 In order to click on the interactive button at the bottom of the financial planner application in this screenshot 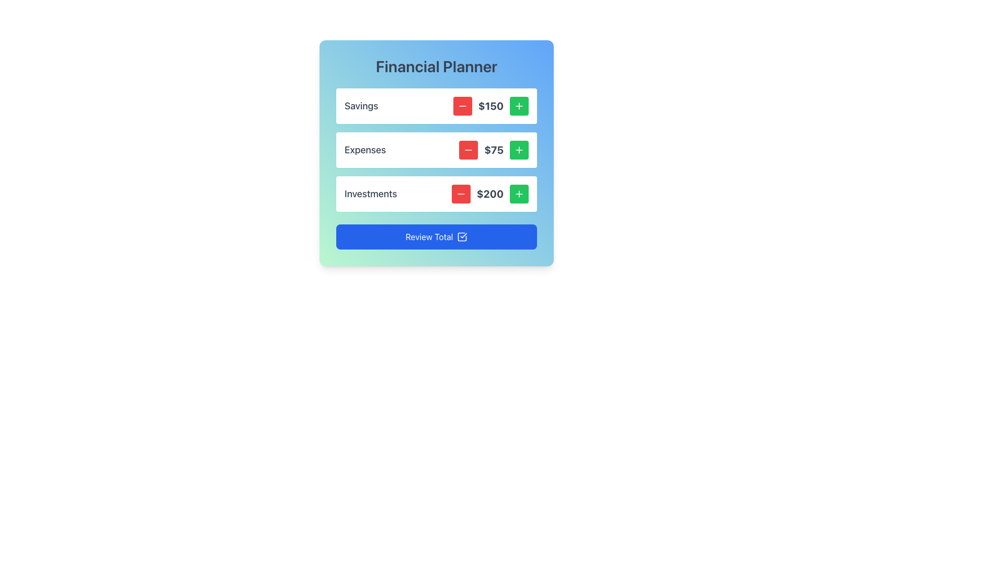, I will do `click(437, 236)`.